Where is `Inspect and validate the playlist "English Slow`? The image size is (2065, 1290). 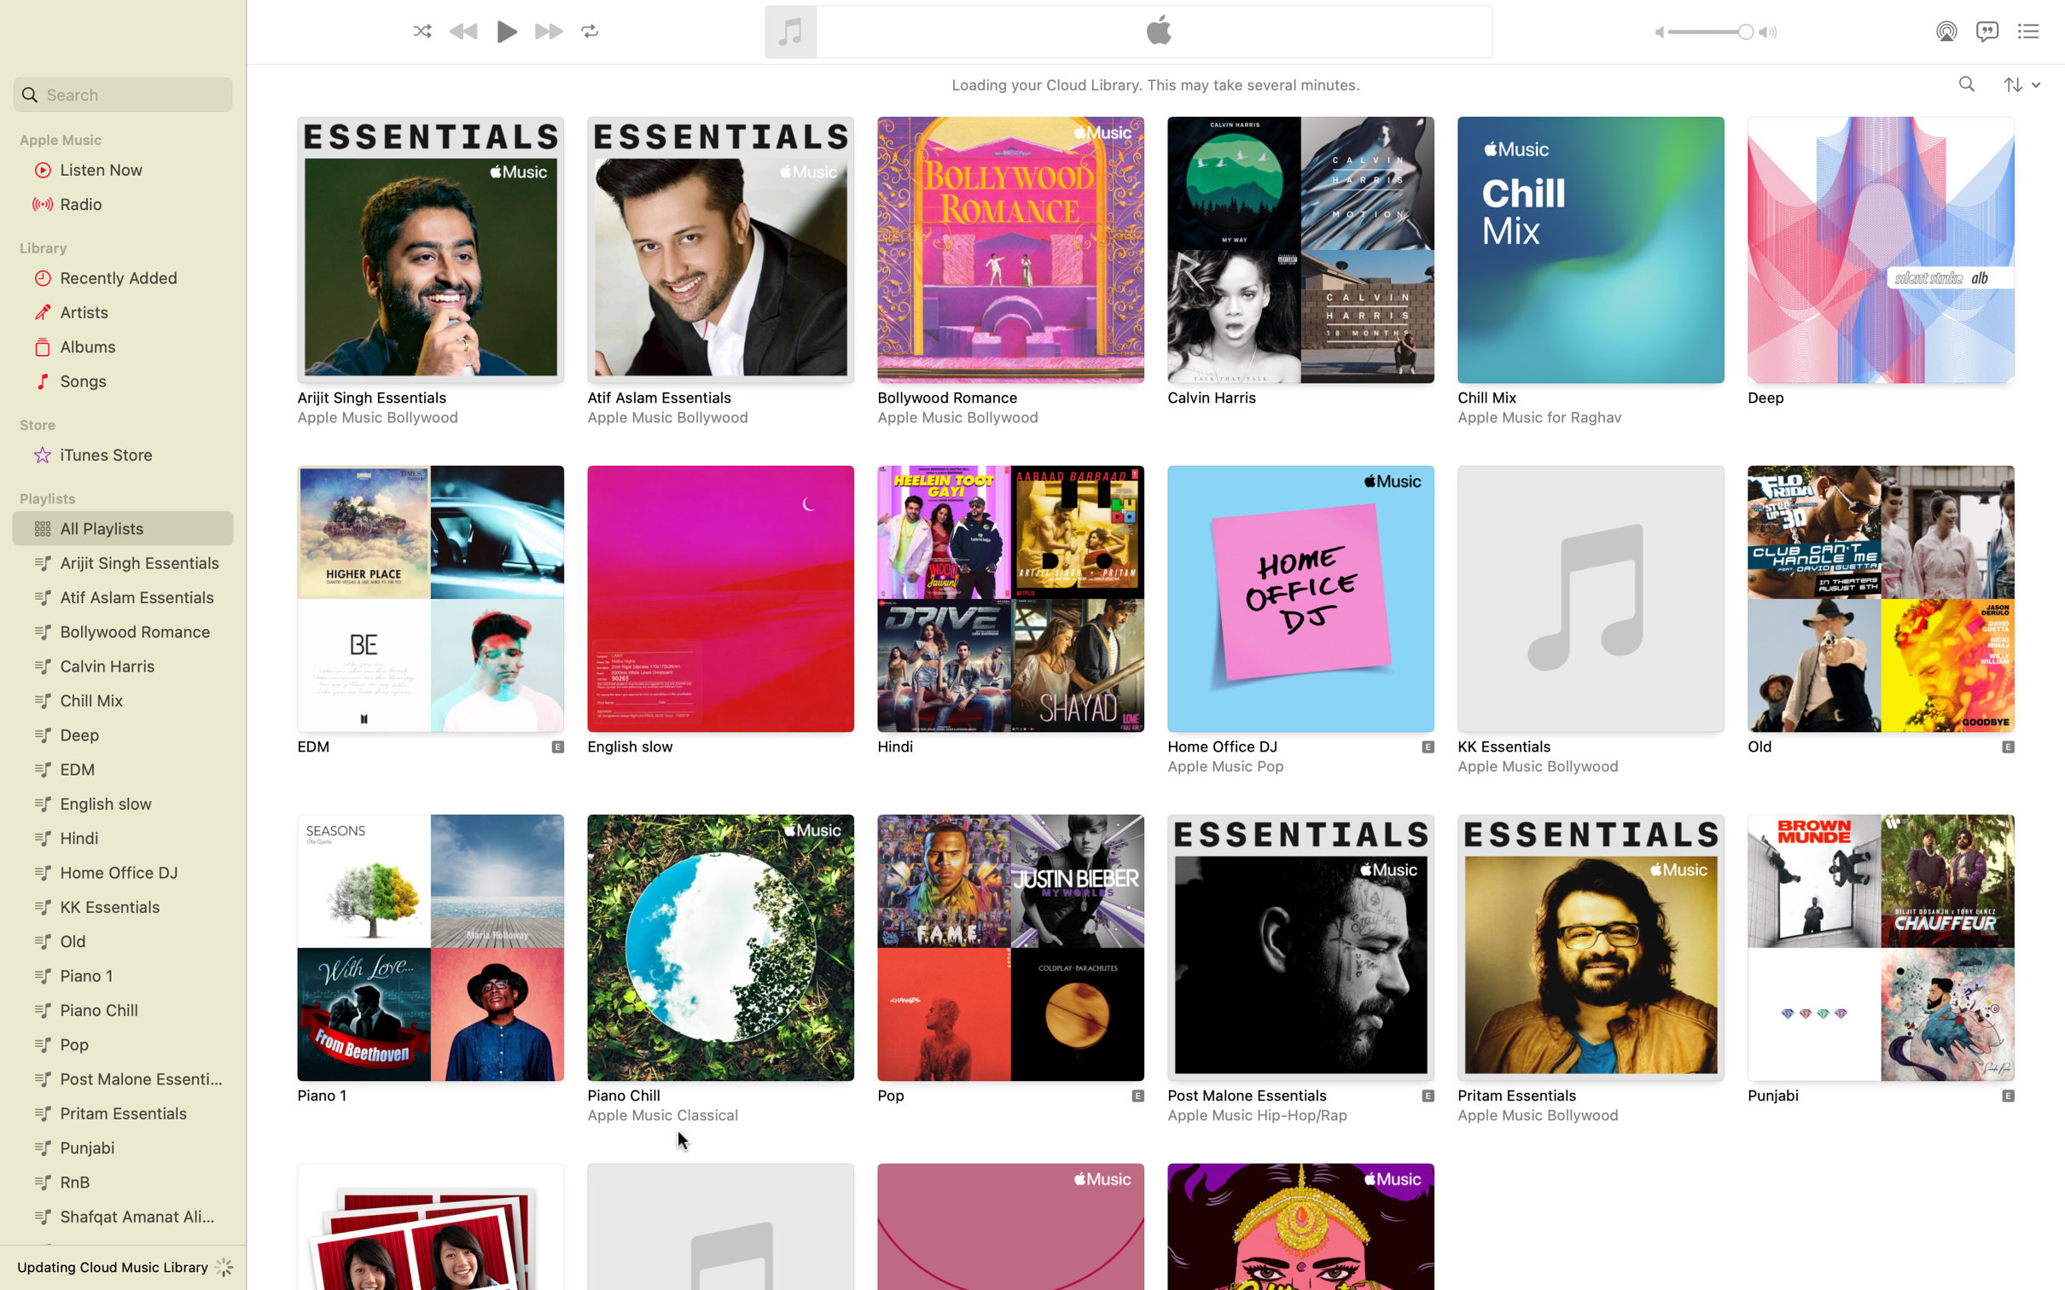
Inspect and validate the playlist "English Slow is located at coordinates (719, 615).